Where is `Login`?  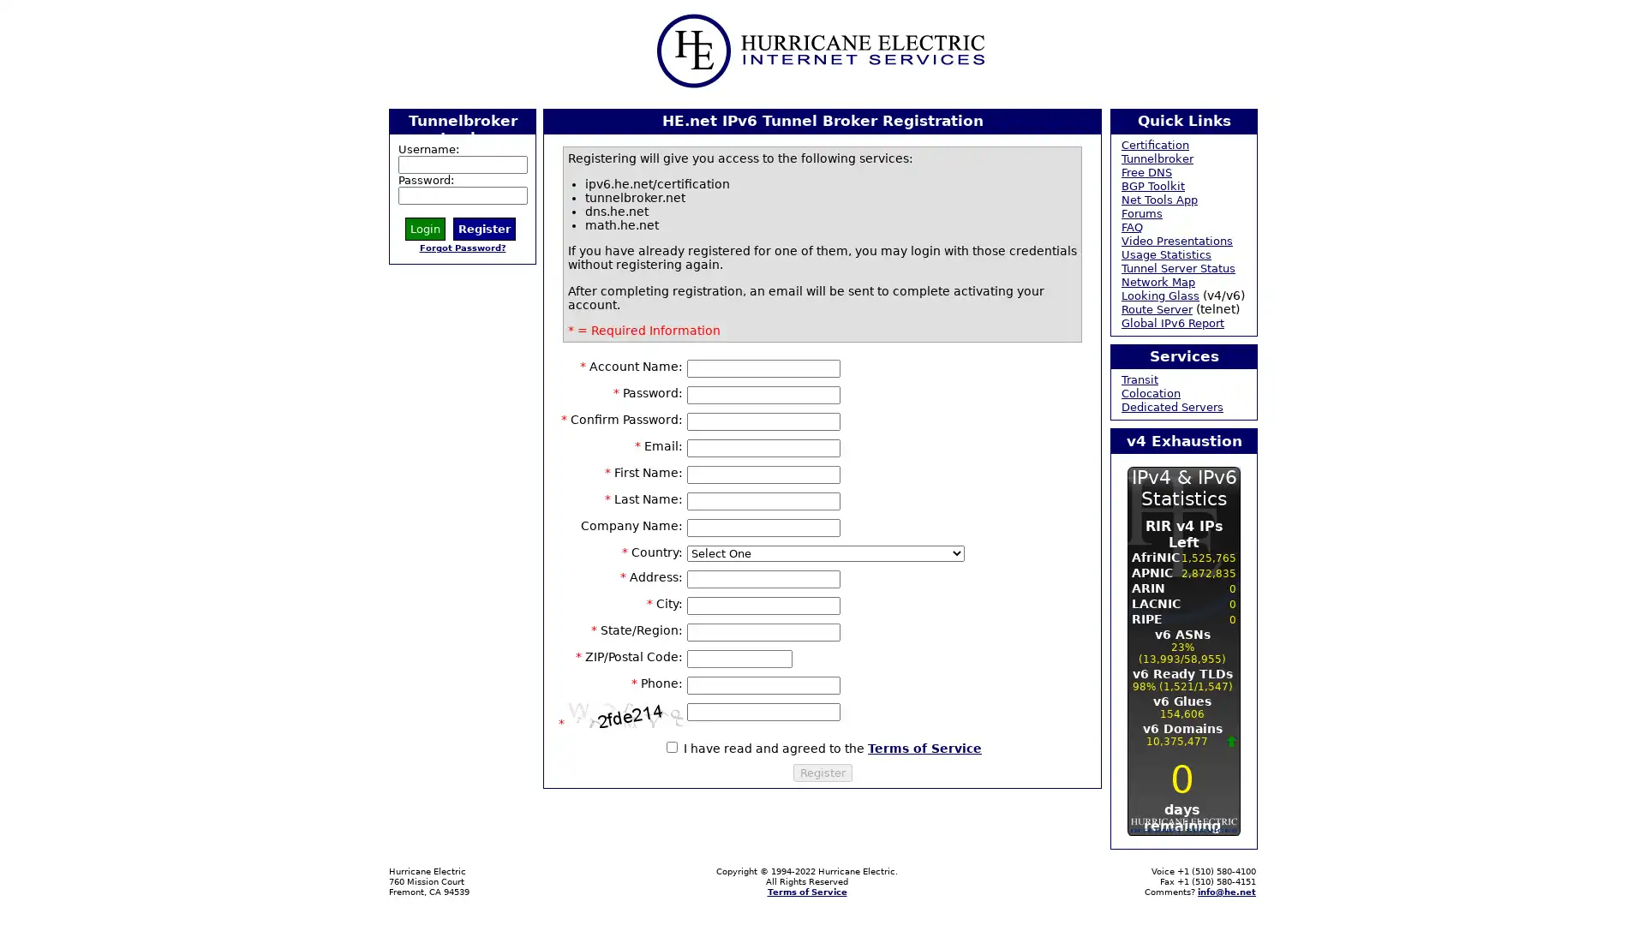
Login is located at coordinates (425, 227).